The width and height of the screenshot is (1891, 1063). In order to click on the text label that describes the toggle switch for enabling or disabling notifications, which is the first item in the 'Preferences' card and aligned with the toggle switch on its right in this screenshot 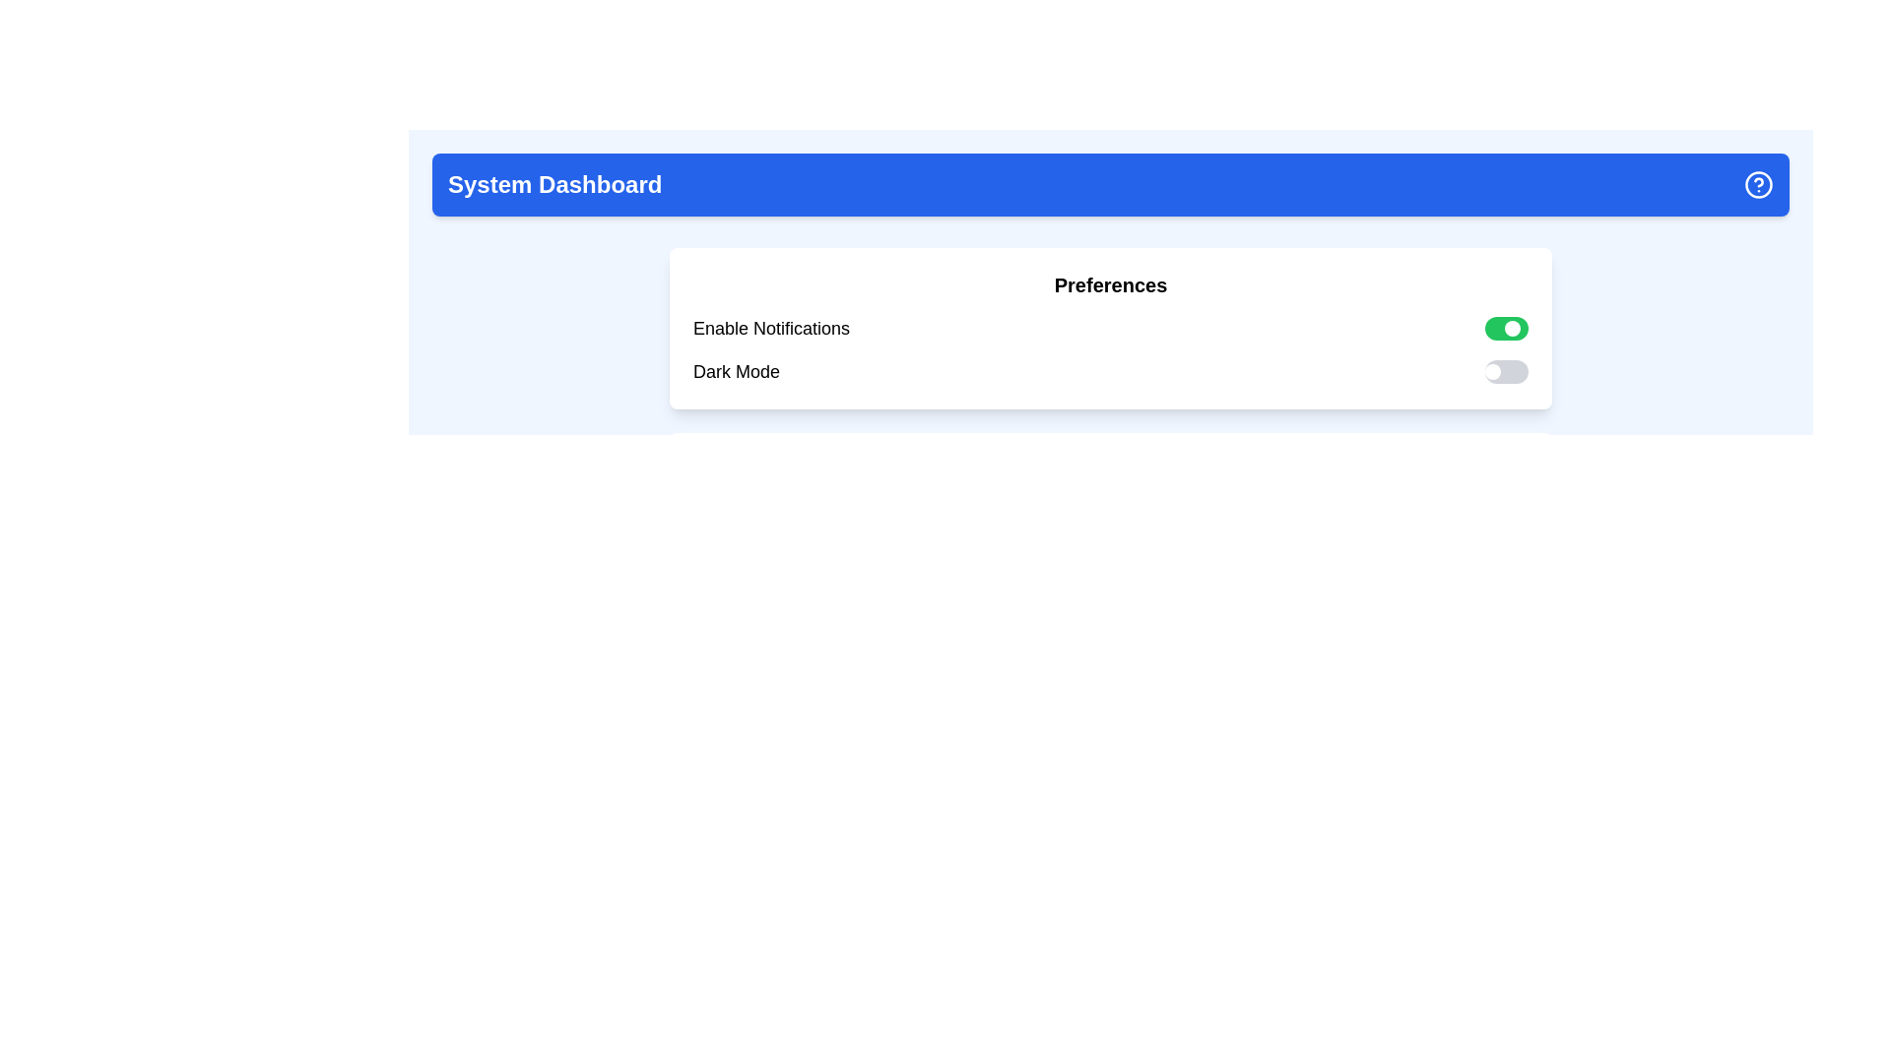, I will do `click(770, 328)`.